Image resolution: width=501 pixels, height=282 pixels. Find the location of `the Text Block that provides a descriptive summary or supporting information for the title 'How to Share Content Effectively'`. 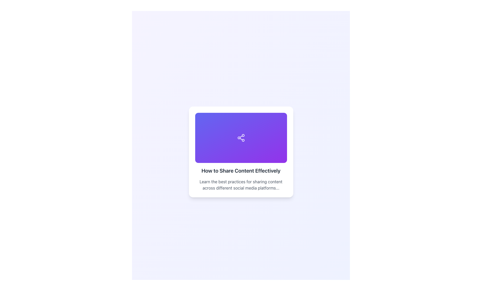

the Text Block that provides a descriptive summary or supporting information for the title 'How to Share Content Effectively' is located at coordinates (241, 185).